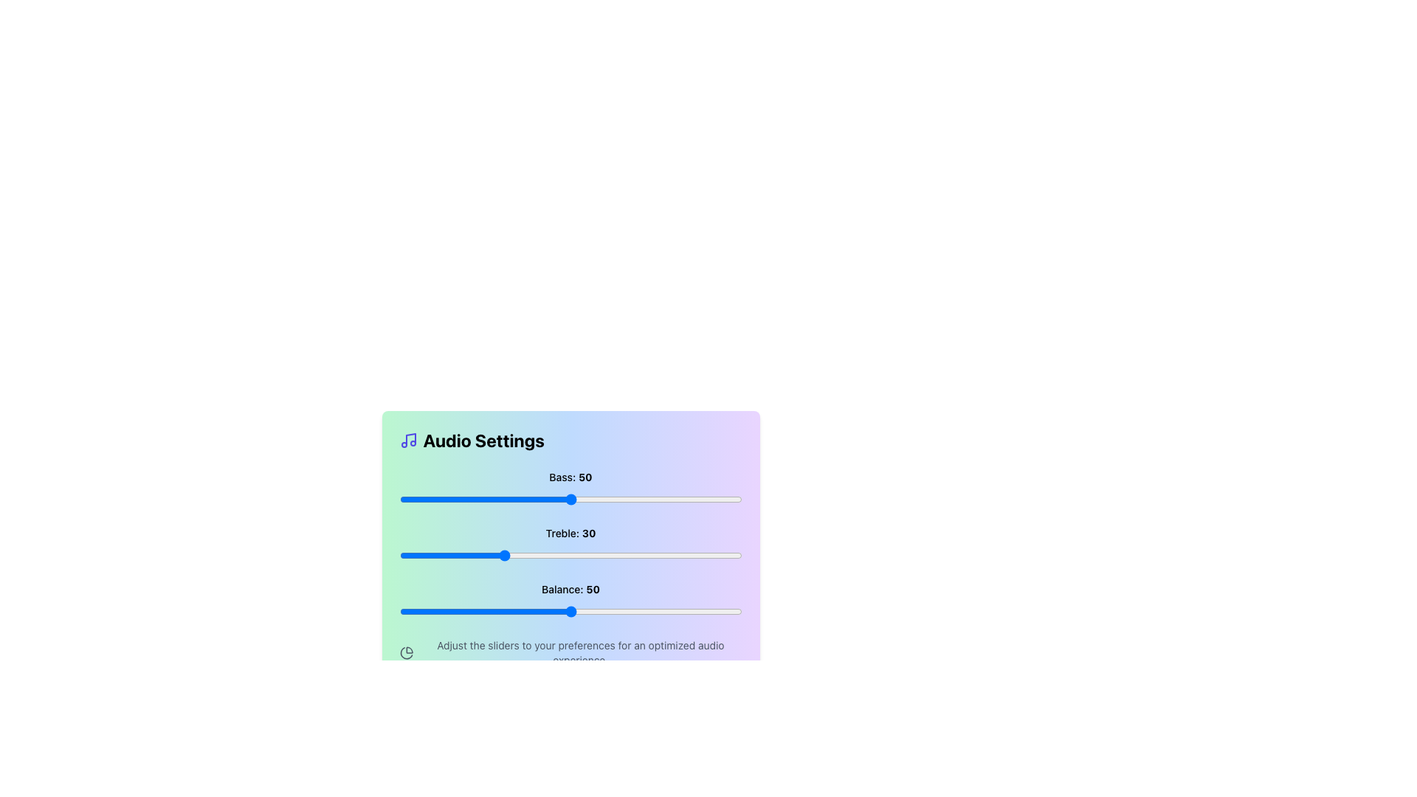  What do you see at coordinates (689, 499) in the screenshot?
I see `the bass level` at bounding box center [689, 499].